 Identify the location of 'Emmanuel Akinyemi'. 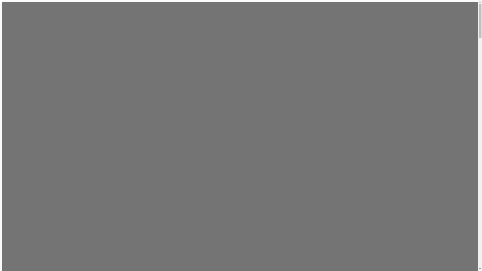
(228, 155).